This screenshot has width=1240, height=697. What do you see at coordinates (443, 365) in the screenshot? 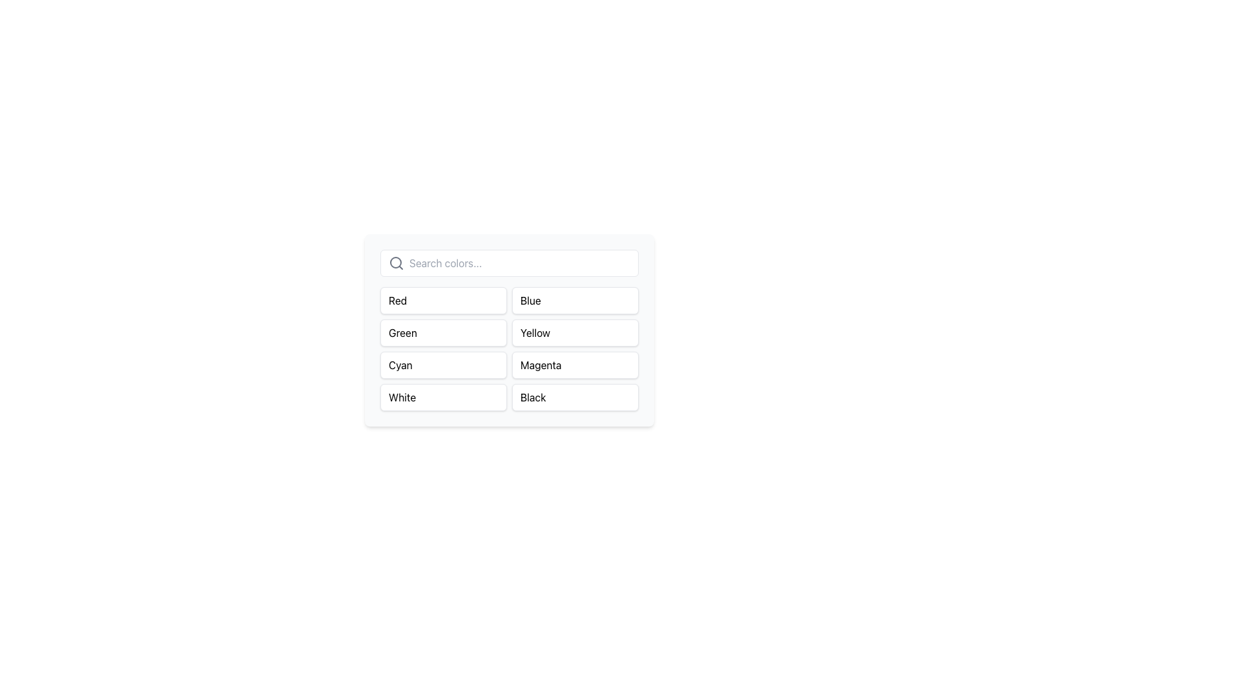
I see `the rectangular button styled with a light gray border and labeled 'Cyan', located in the third row and first column of the button grid` at bounding box center [443, 365].